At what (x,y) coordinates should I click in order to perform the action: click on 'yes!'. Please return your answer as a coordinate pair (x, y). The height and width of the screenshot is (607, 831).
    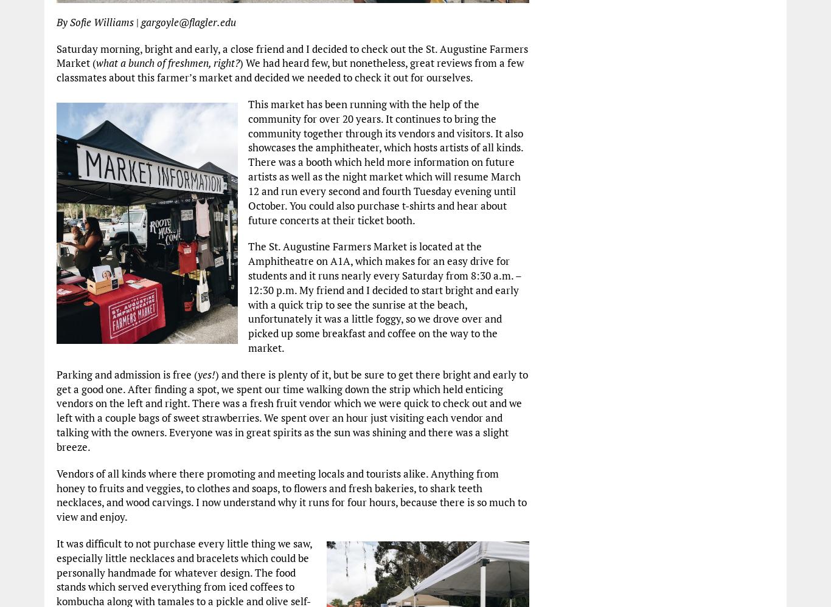
    Looking at the image, I should click on (197, 373).